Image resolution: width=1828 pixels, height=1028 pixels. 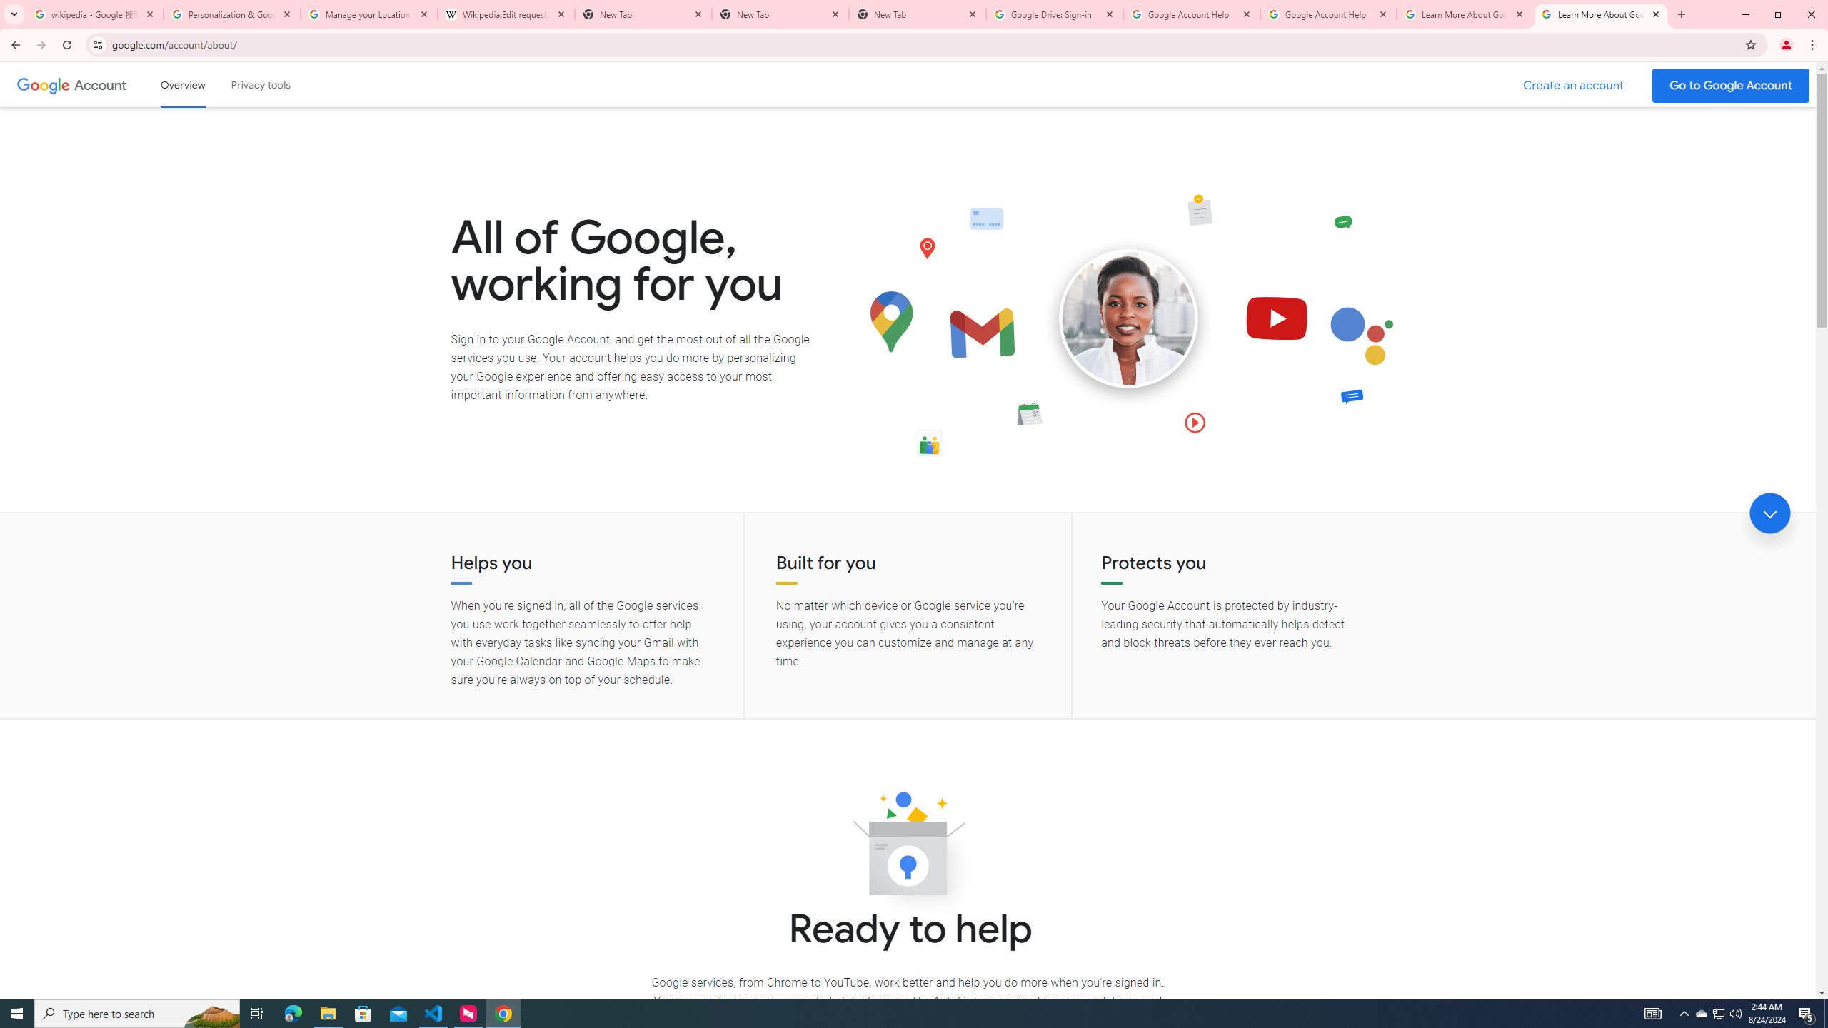 I want to click on 'Ready to help', so click(x=908, y=847).